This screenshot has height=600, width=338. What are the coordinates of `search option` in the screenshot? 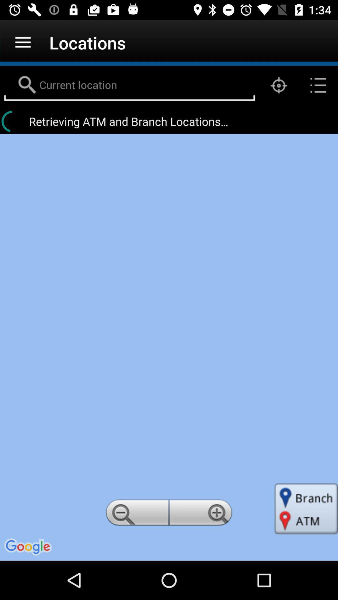 It's located at (129, 85).